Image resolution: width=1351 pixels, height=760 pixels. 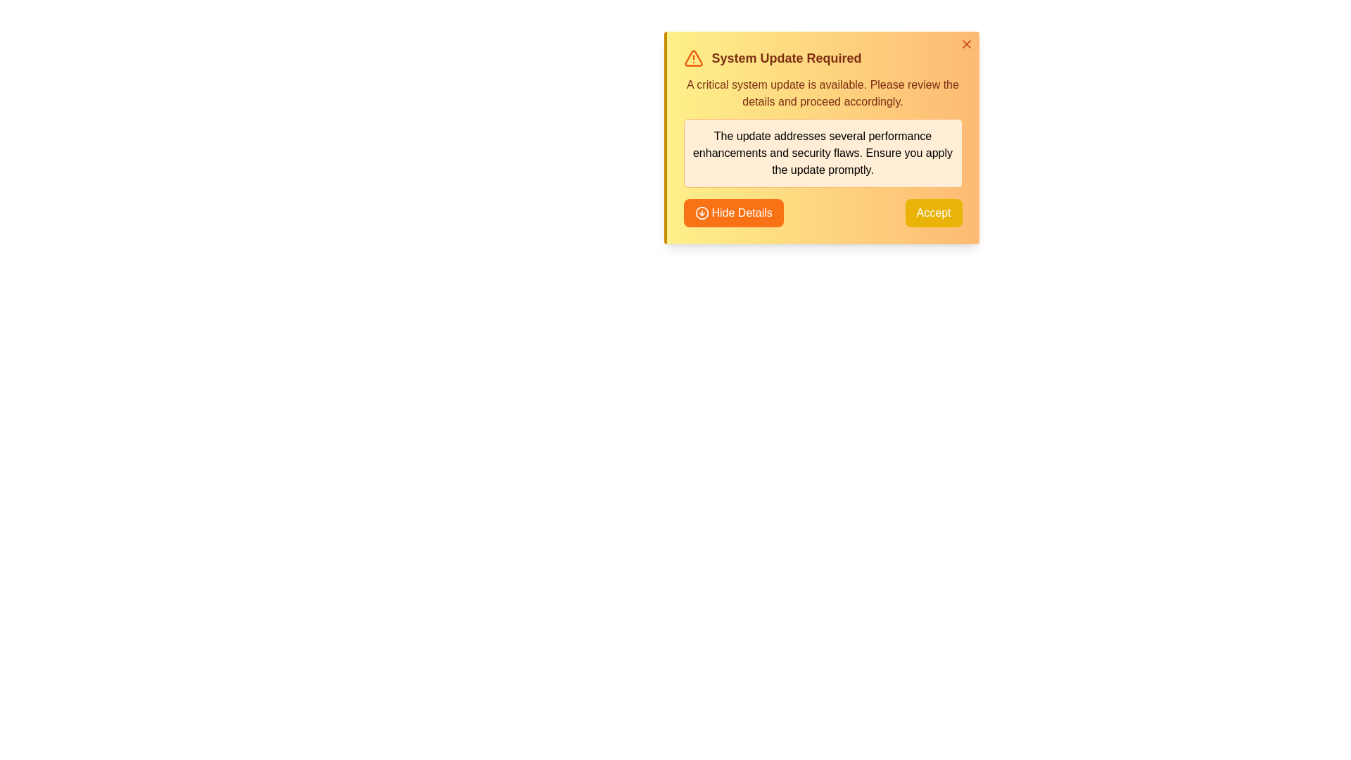 I want to click on the 'Accept' button to acknowledge the alert, so click(x=933, y=213).